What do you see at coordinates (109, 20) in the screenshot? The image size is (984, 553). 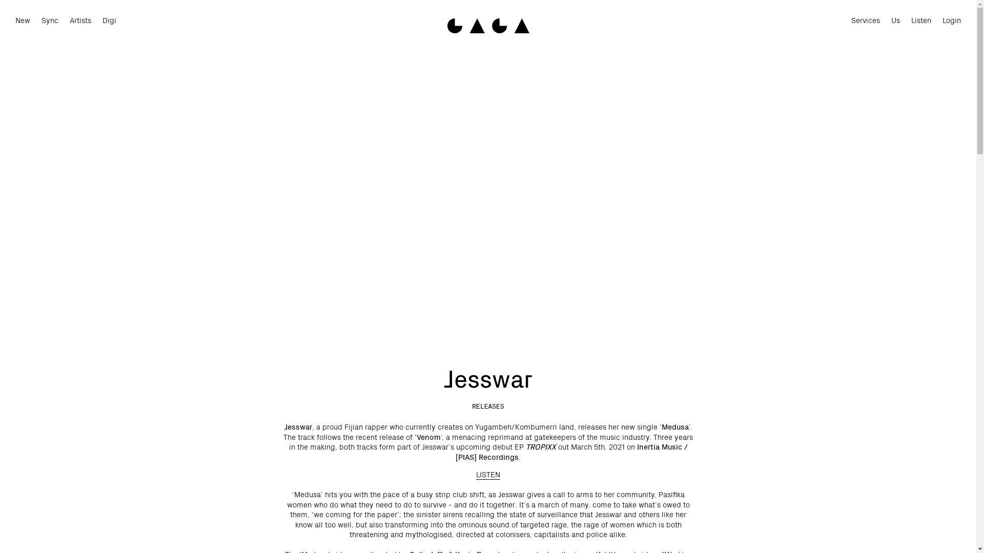 I see `'Digi'` at bounding box center [109, 20].